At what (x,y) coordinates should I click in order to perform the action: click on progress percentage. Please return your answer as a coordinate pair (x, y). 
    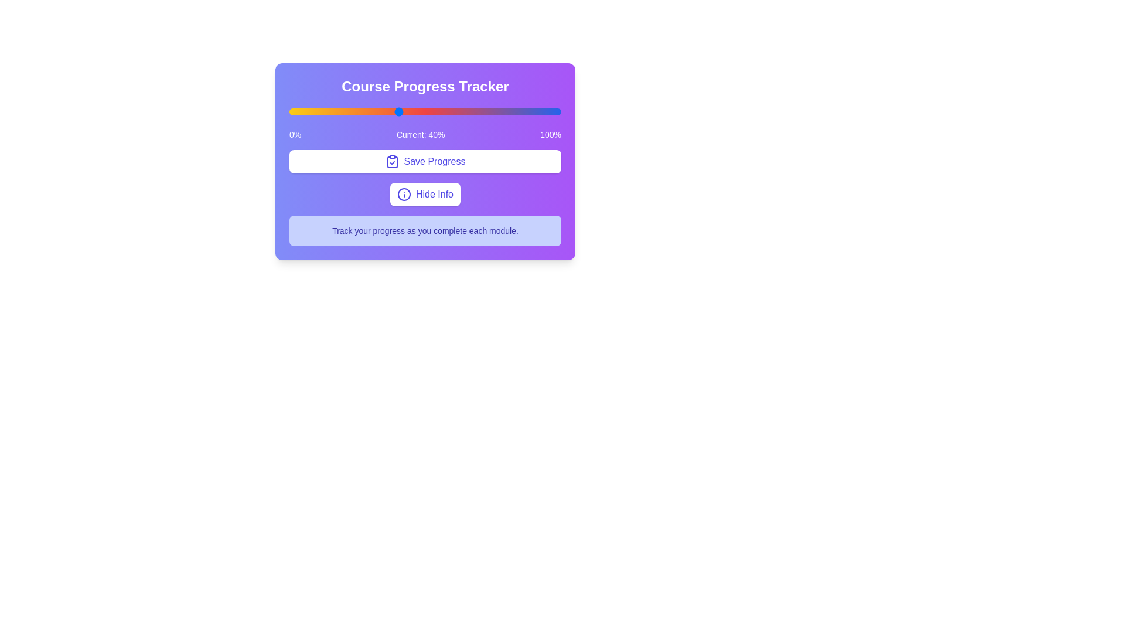
    Looking at the image, I should click on (449, 112).